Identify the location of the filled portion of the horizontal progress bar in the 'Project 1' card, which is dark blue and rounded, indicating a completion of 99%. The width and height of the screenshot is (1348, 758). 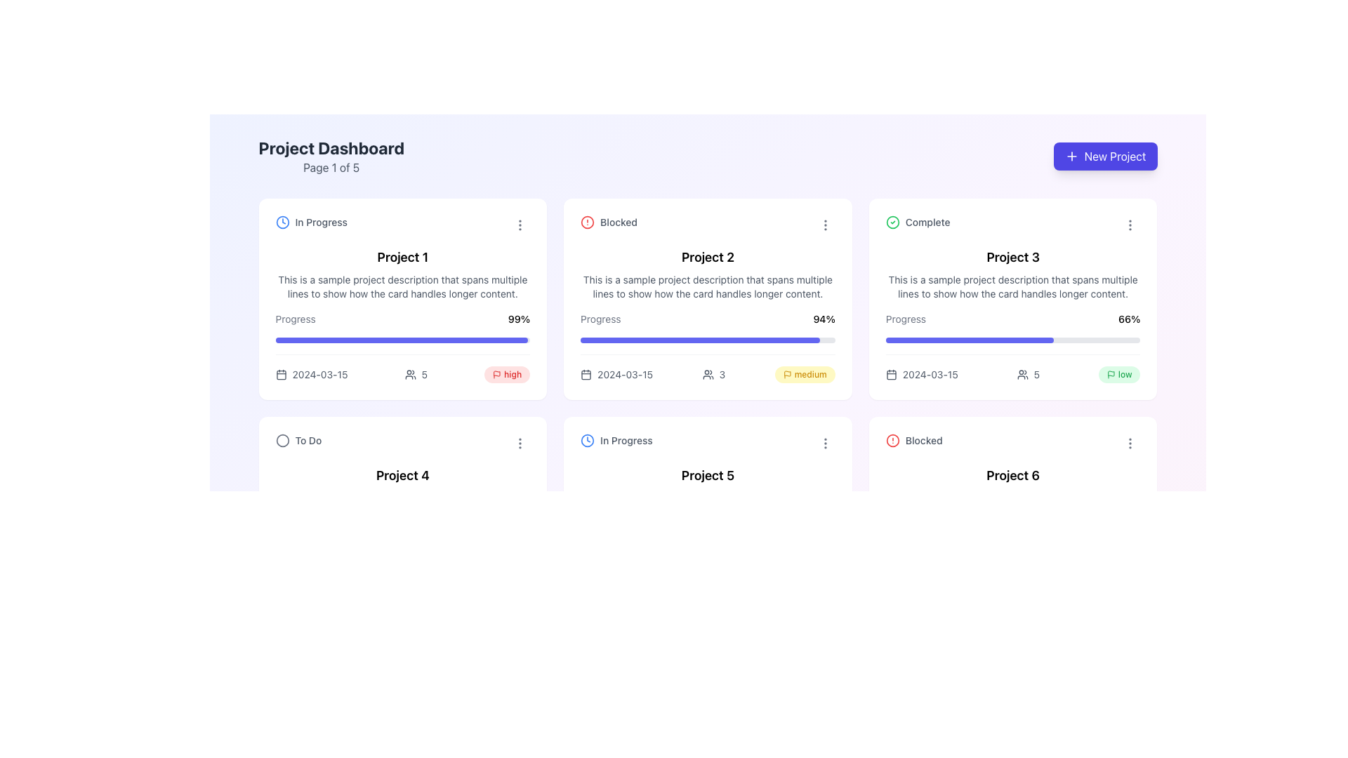
(400, 340).